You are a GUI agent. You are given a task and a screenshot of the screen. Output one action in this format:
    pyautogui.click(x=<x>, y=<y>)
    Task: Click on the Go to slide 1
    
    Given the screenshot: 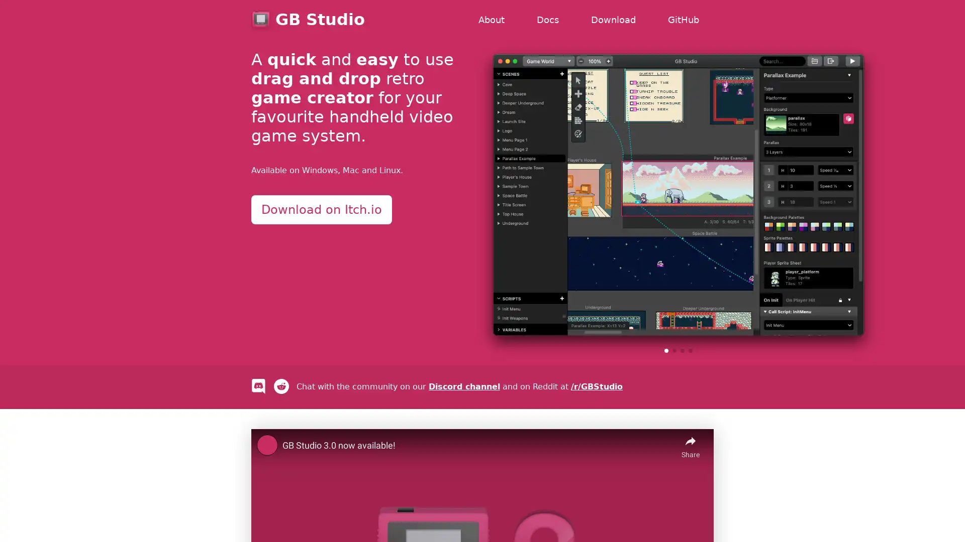 What is the action you would take?
    pyautogui.click(x=666, y=350)
    